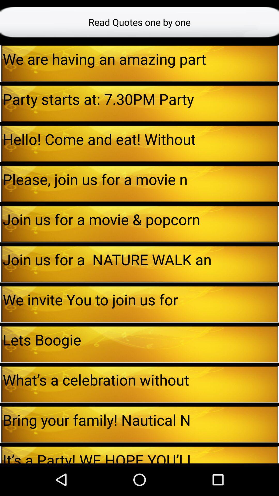 The height and width of the screenshot is (496, 279). What do you see at coordinates (278, 264) in the screenshot?
I see `the icon to the right of join us for` at bounding box center [278, 264].